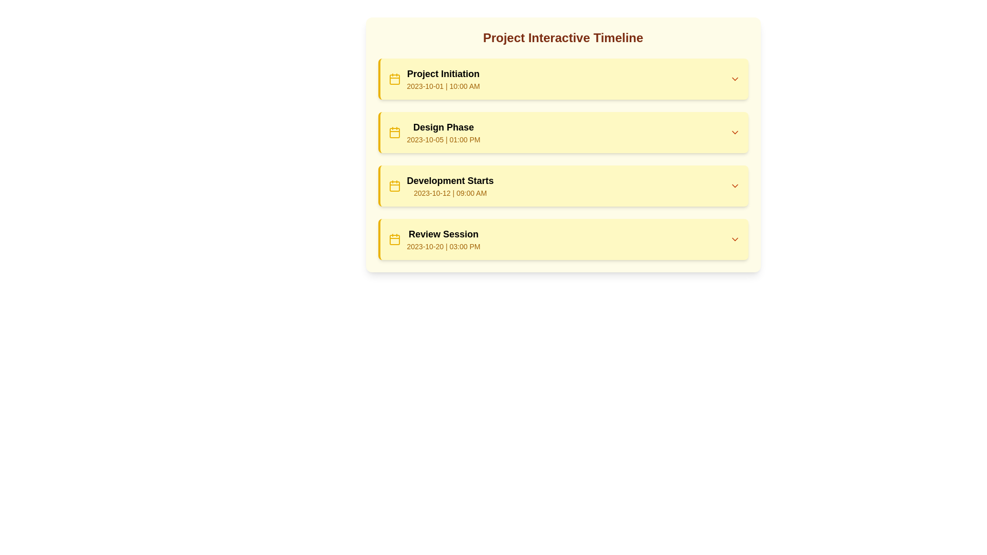 The height and width of the screenshot is (555, 987). Describe the element at coordinates (562, 144) in the screenshot. I see `the second item in the vertical list titled 'Design Phase' within the 'Project Interactive Timeline' section` at that location.